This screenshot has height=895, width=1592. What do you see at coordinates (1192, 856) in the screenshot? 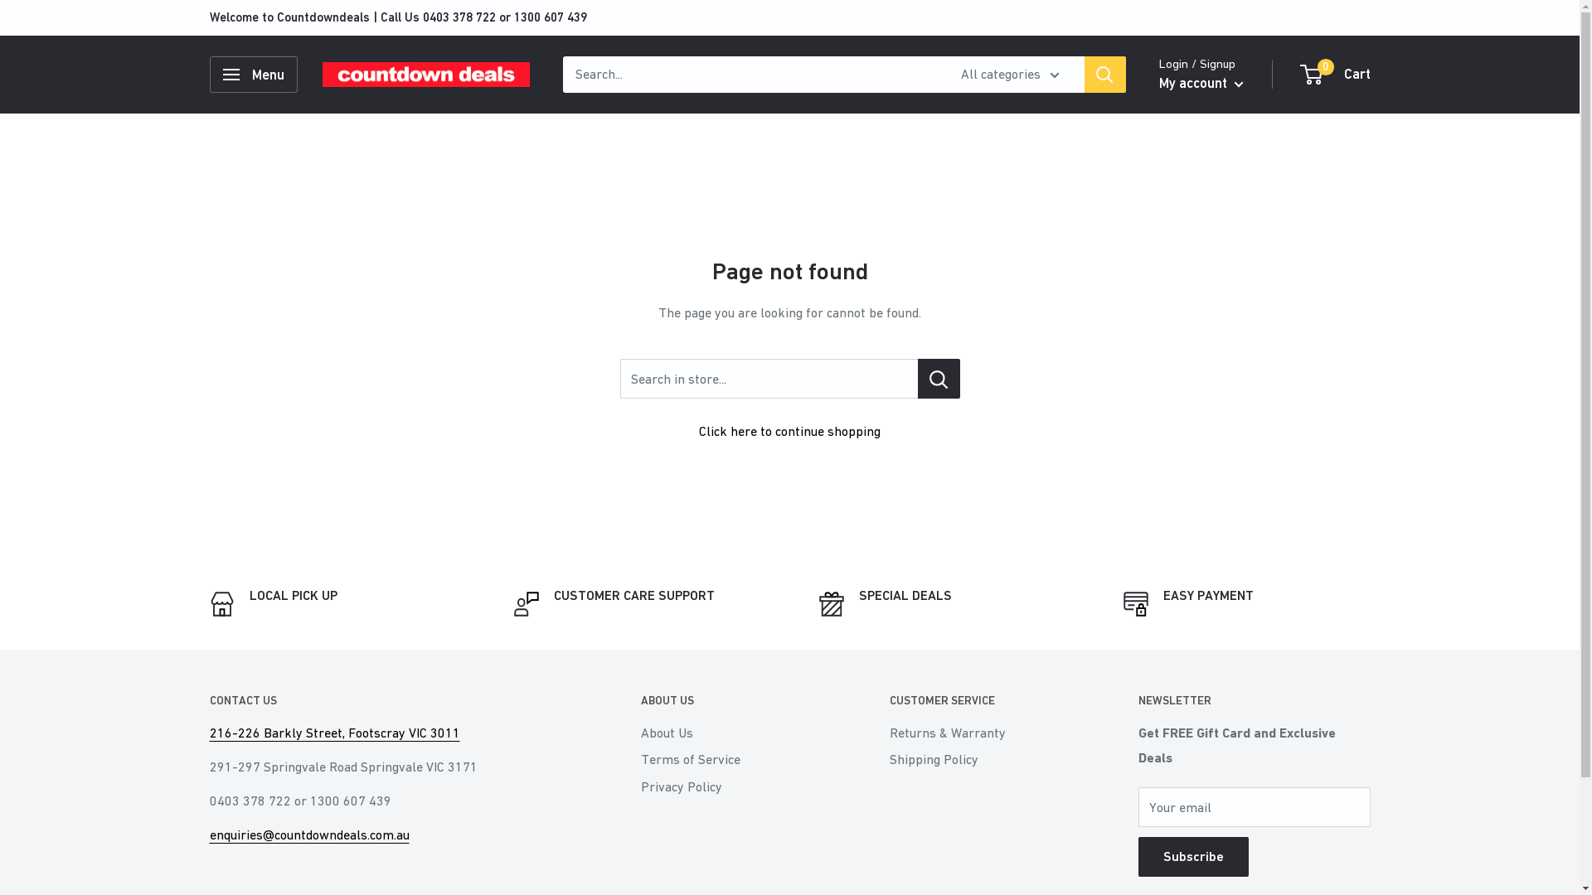
I see `'Subscribe'` at bounding box center [1192, 856].